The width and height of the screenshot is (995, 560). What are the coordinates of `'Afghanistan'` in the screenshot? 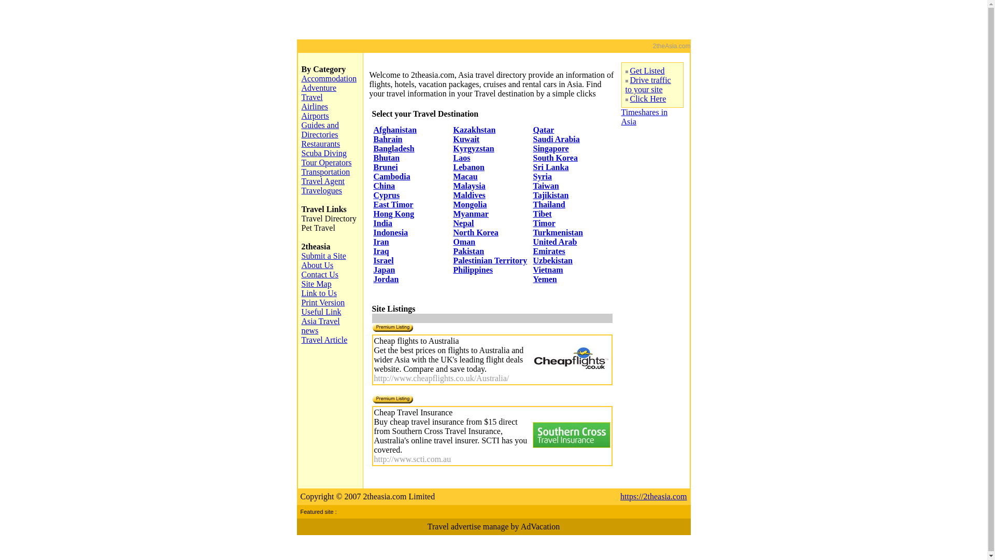 It's located at (394, 129).